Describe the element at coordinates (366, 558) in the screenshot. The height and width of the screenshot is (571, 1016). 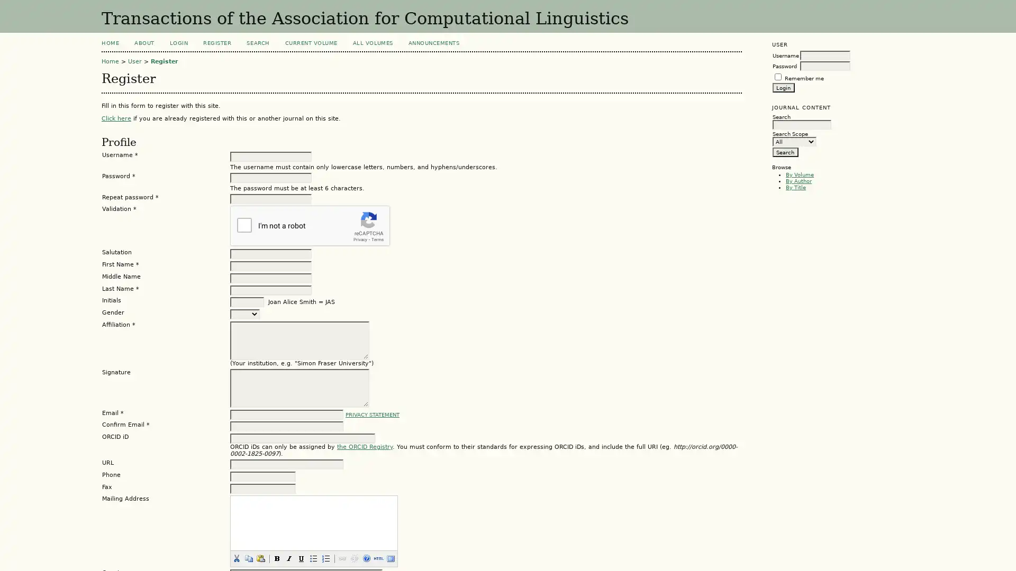
I see `Help` at that location.